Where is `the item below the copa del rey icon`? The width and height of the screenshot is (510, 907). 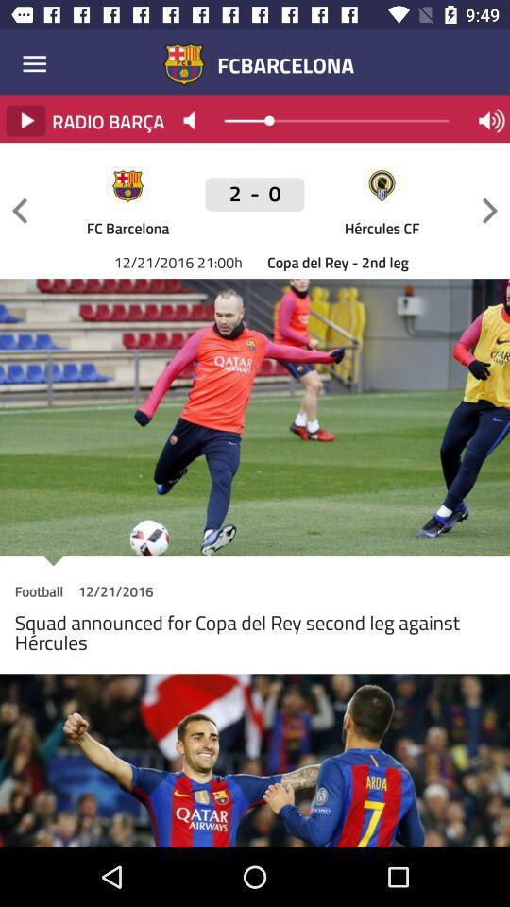
the item below the copa del rey icon is located at coordinates (255, 561).